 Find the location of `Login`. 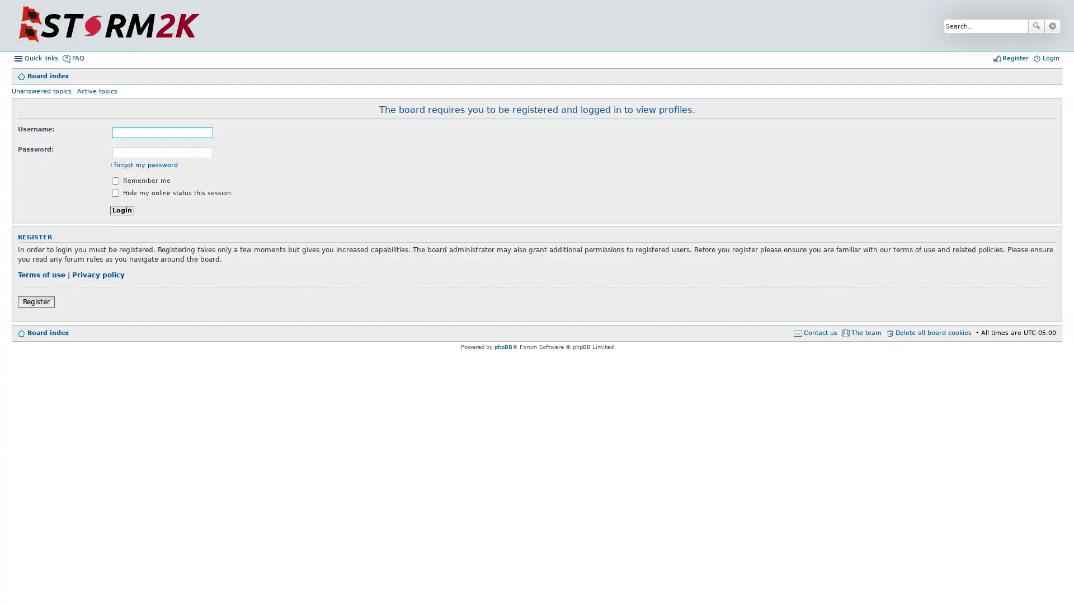

Login is located at coordinates (122, 210).